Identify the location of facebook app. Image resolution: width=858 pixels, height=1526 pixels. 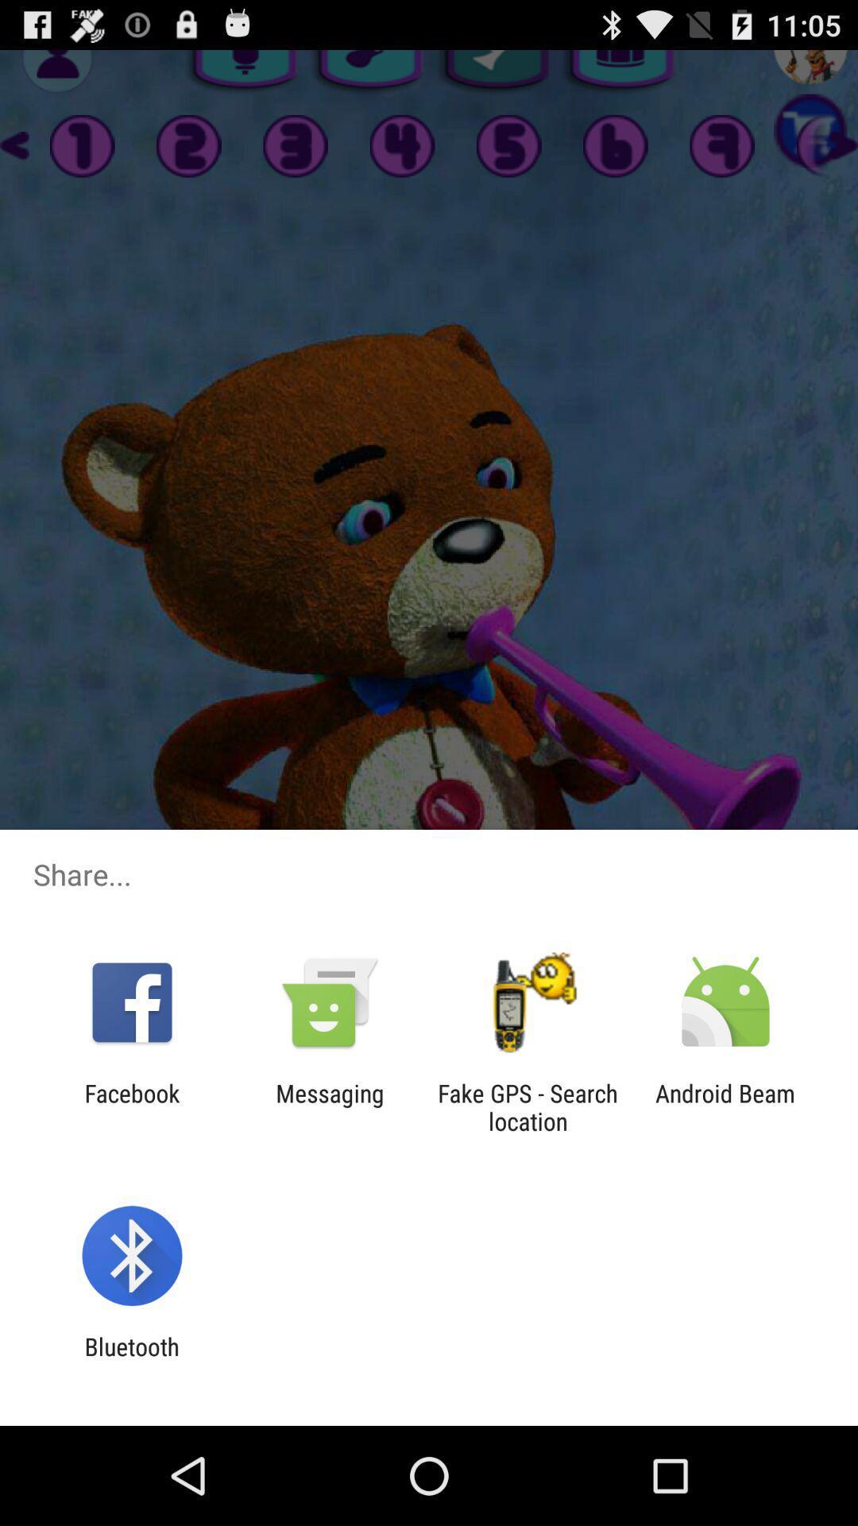
(131, 1106).